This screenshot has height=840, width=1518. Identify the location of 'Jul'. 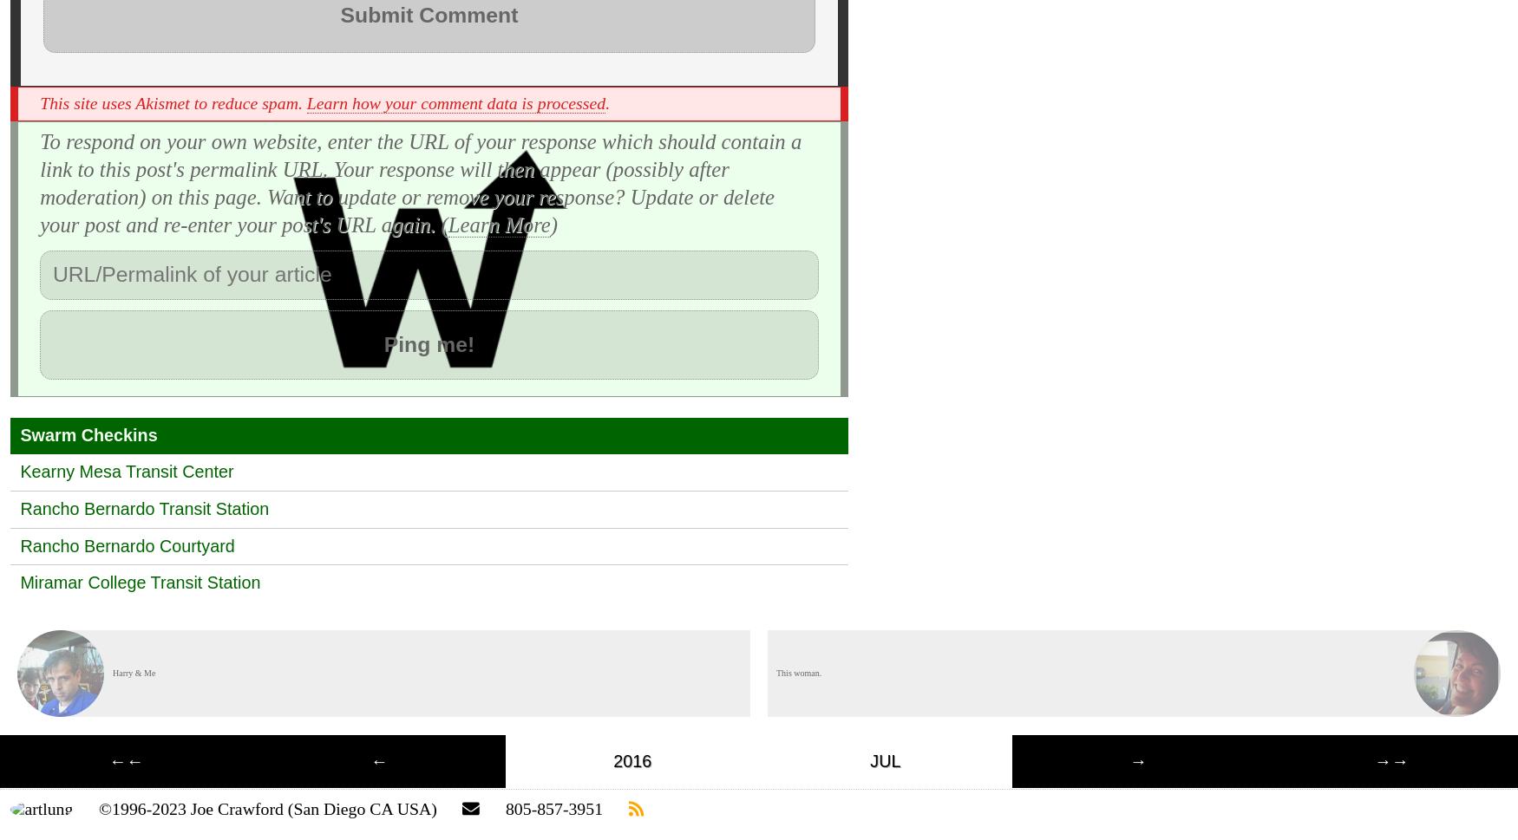
(884, 759).